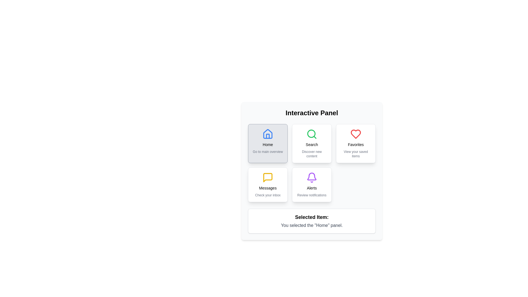  What do you see at coordinates (312, 170) in the screenshot?
I see `the layout of the central navigational Panel that provides information and allows exploration of different sections` at bounding box center [312, 170].